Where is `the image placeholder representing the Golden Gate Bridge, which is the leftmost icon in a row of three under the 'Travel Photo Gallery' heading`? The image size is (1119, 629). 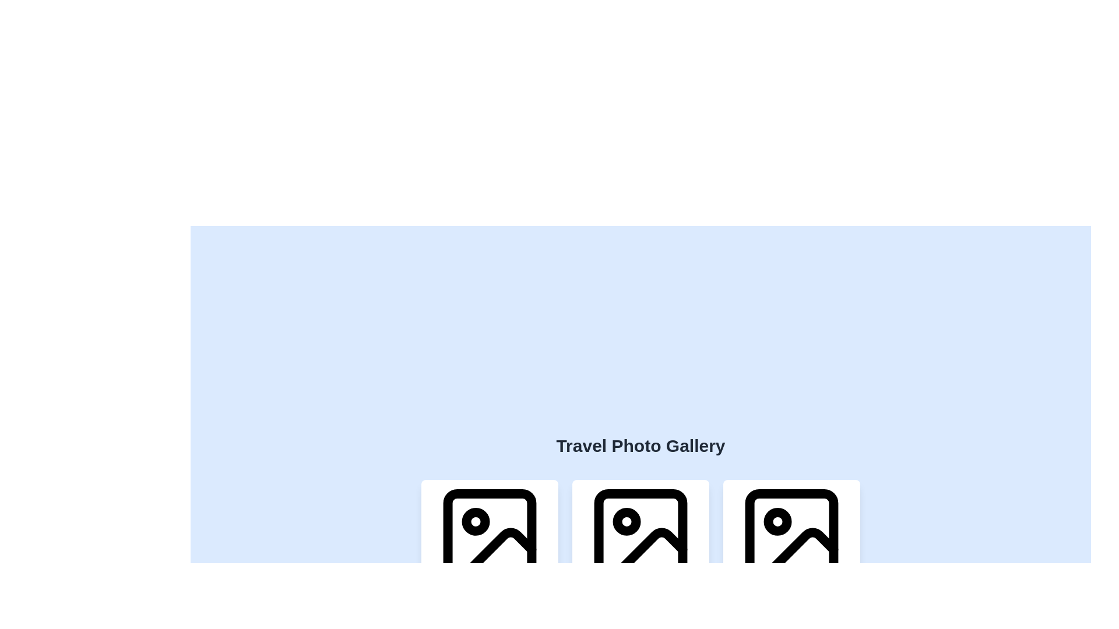 the image placeholder representing the Golden Gate Bridge, which is the leftmost icon in a row of three under the 'Travel Photo Gallery' heading is located at coordinates (490, 536).